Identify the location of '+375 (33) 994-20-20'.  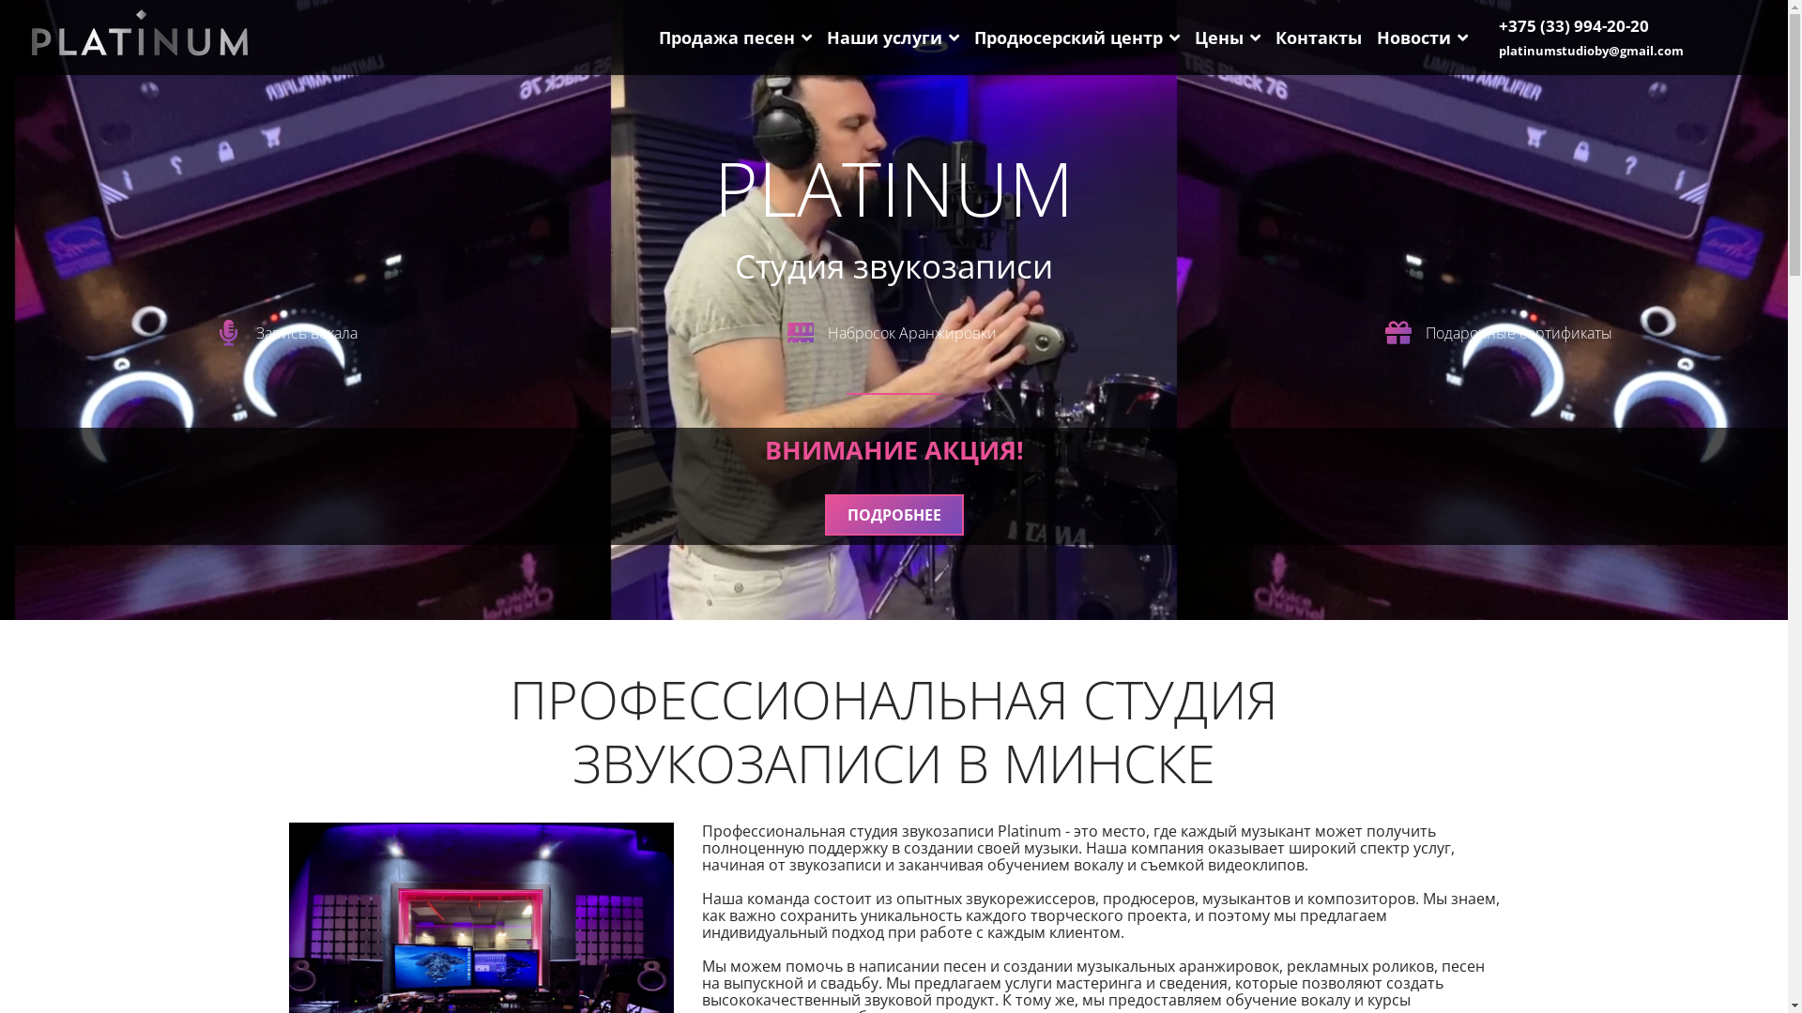
(1573, 25).